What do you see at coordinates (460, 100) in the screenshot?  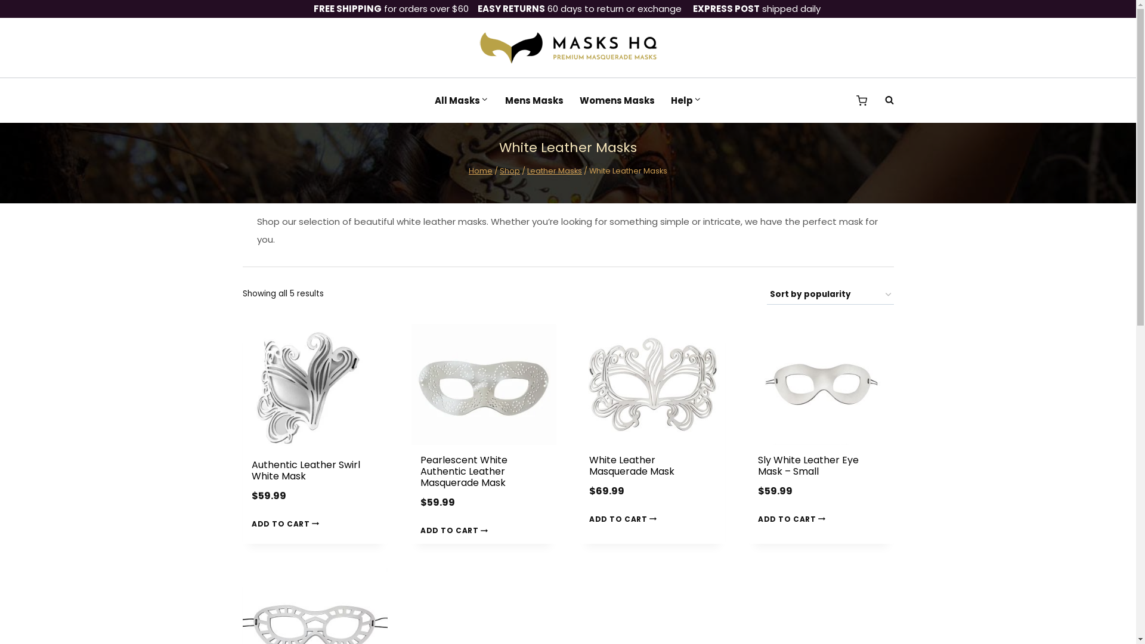 I see `'All Masks'` at bounding box center [460, 100].